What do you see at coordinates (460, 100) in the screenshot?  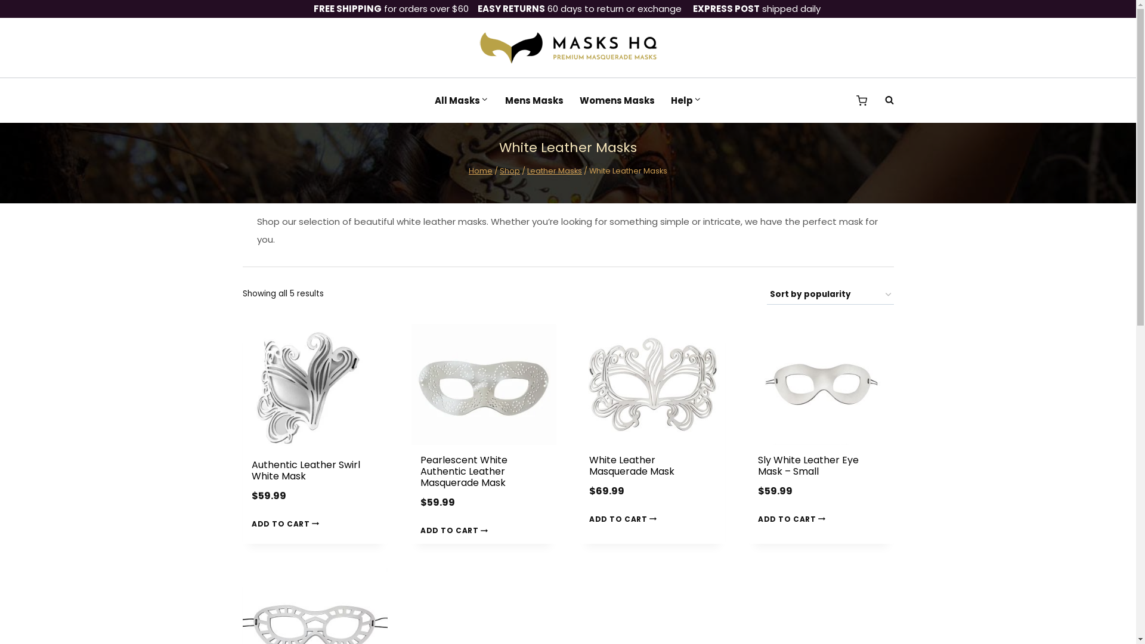 I see `'All Masks'` at bounding box center [460, 100].